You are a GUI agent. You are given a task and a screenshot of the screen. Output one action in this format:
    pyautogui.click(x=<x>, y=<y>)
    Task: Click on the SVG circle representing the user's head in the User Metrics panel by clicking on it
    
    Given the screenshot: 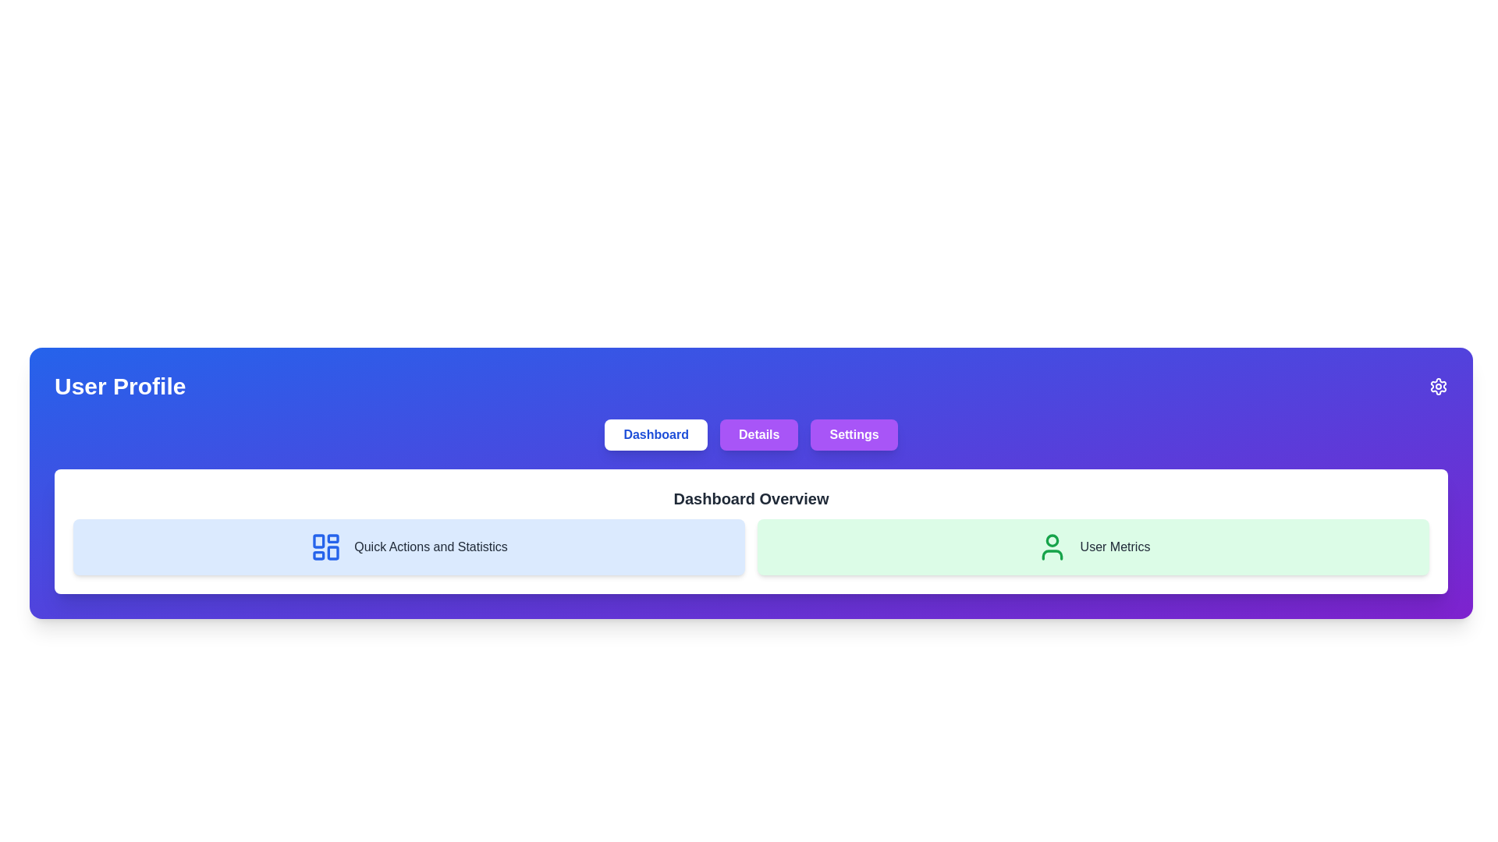 What is the action you would take?
    pyautogui.click(x=1052, y=540)
    